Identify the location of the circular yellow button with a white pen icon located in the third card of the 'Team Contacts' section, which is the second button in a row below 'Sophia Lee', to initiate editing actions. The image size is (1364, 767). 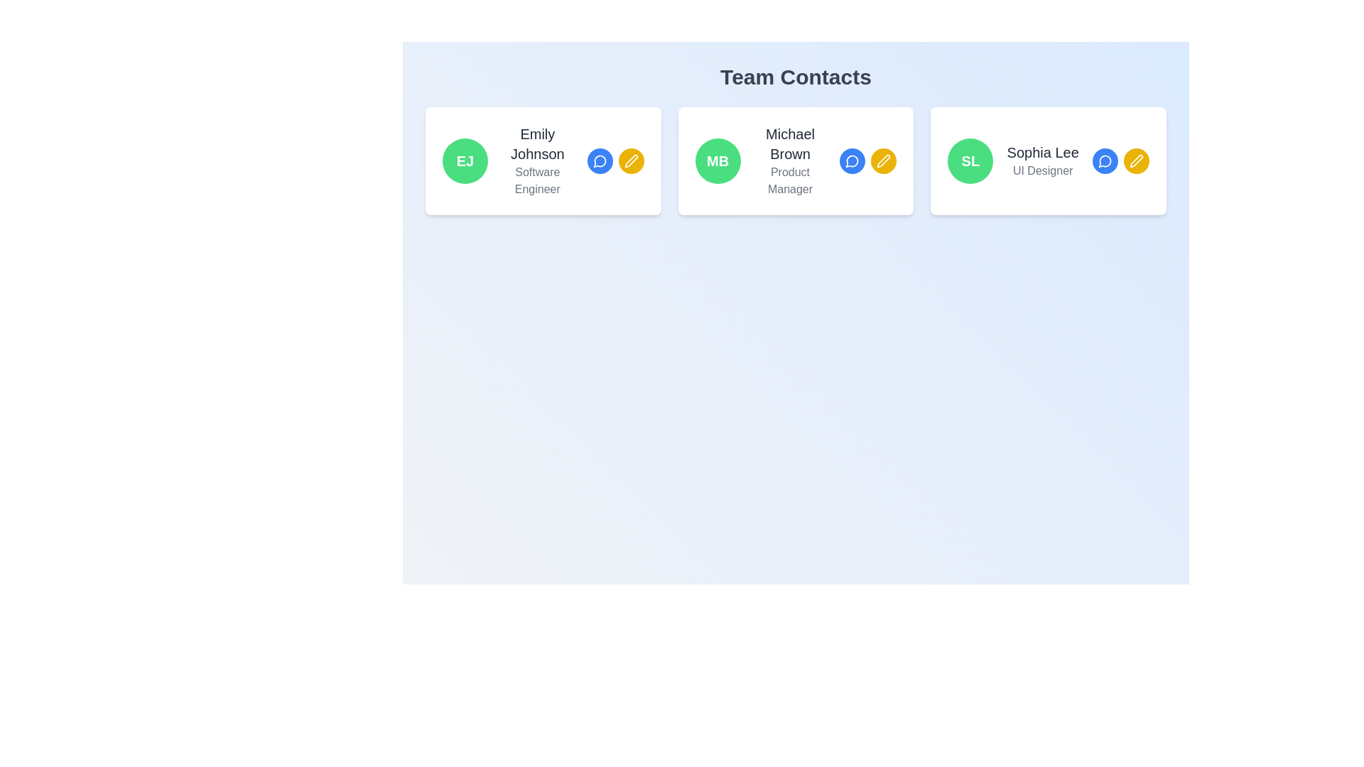
(1135, 161).